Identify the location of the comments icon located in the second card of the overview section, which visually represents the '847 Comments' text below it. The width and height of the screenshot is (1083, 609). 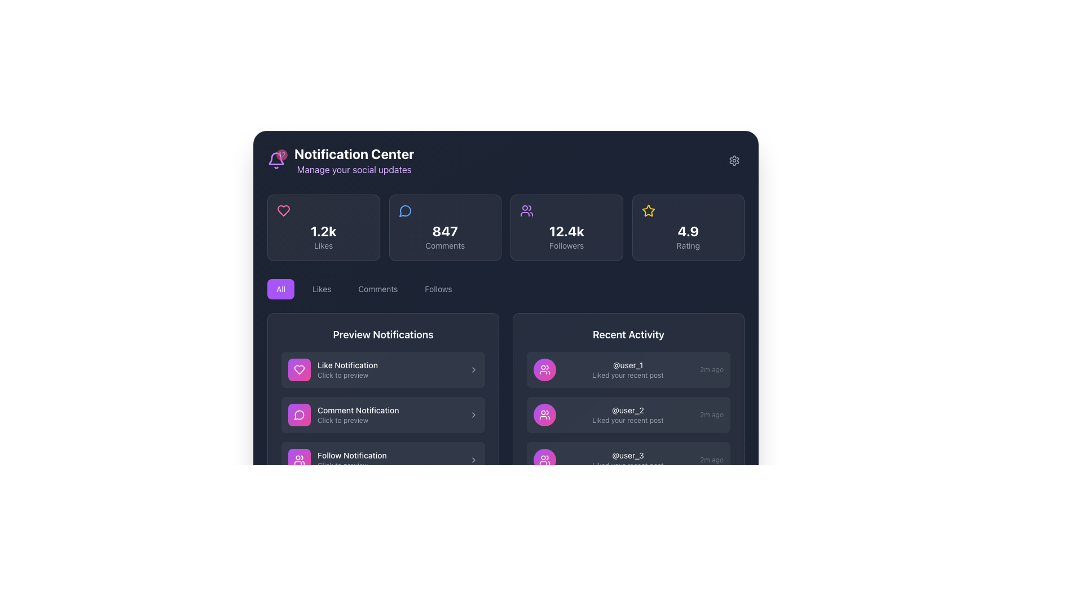
(405, 211).